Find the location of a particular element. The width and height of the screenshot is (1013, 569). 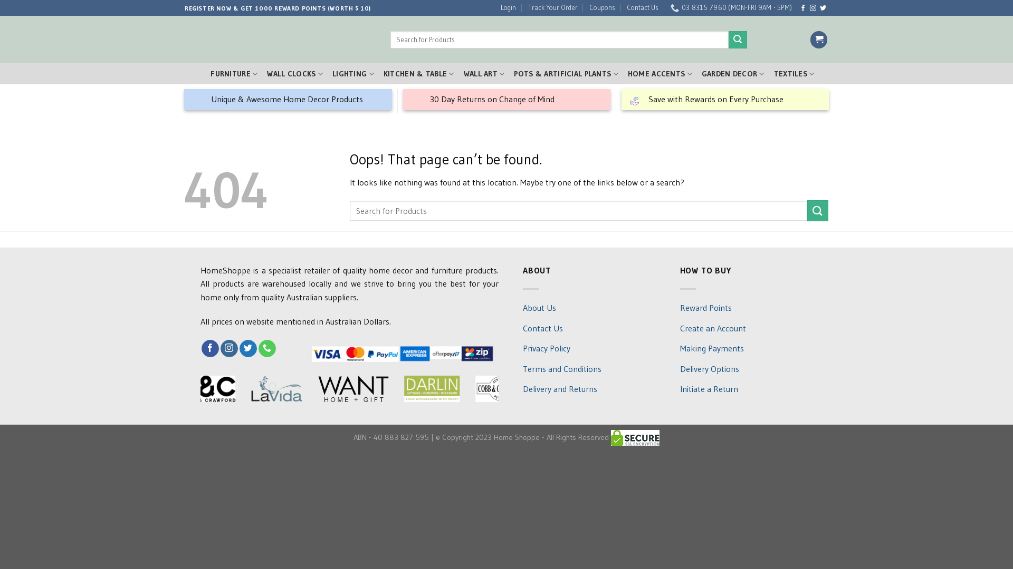

'Coupons' is located at coordinates (585, 8).